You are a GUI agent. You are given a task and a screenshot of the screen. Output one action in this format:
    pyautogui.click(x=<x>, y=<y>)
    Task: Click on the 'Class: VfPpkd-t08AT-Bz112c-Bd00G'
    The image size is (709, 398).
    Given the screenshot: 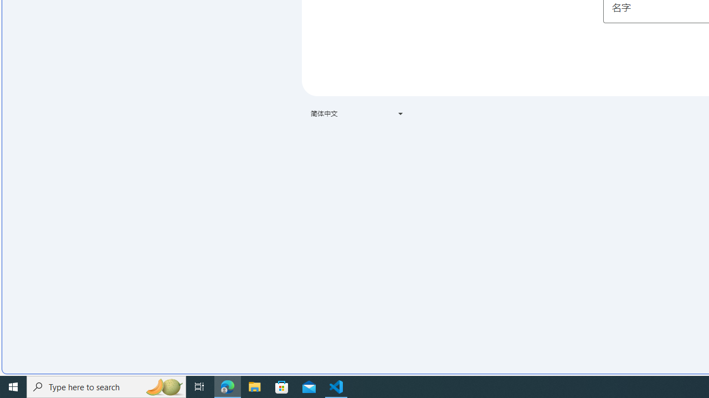 What is the action you would take?
    pyautogui.click(x=400, y=113)
    